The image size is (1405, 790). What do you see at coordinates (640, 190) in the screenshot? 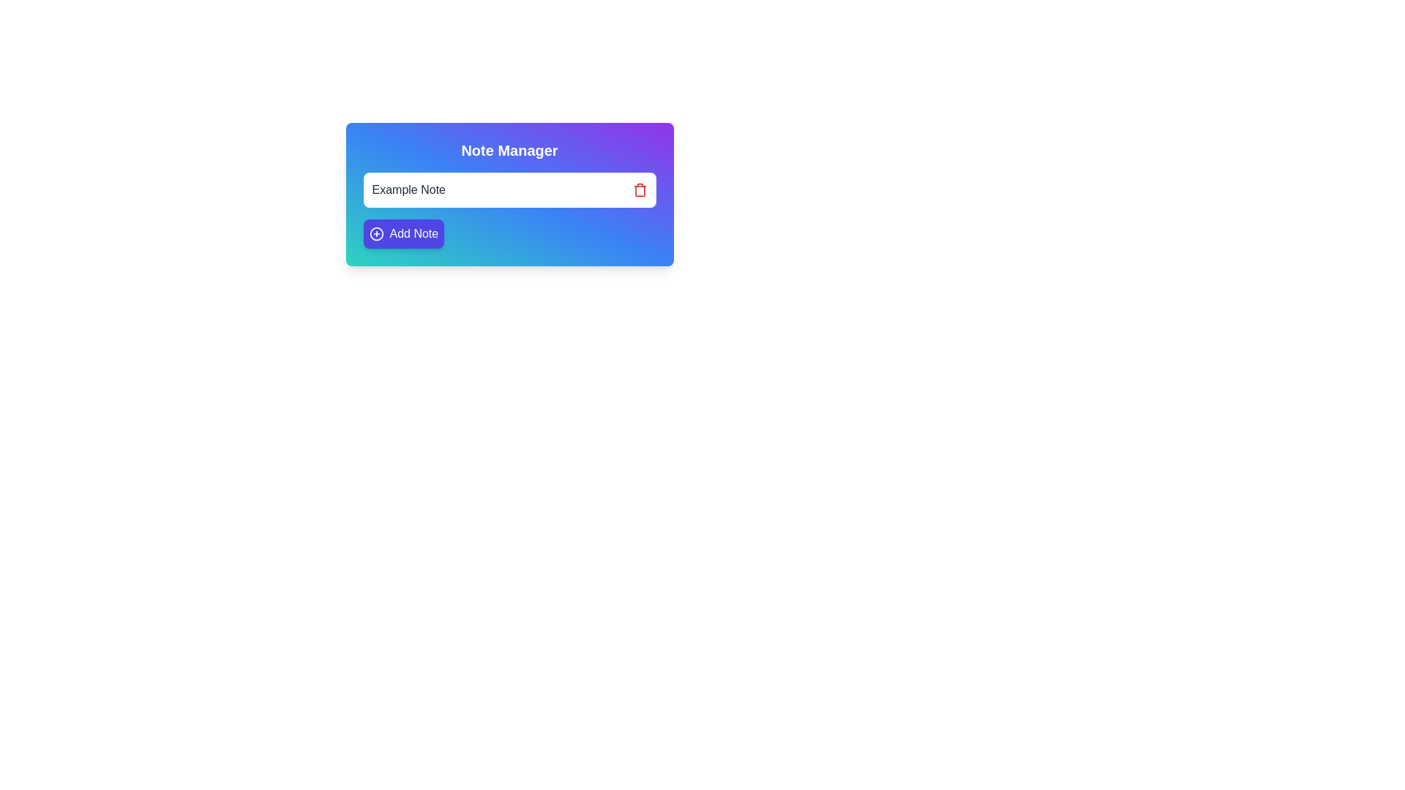
I see `the trash can icon button located to the right of the 'Example Note' text input field` at bounding box center [640, 190].